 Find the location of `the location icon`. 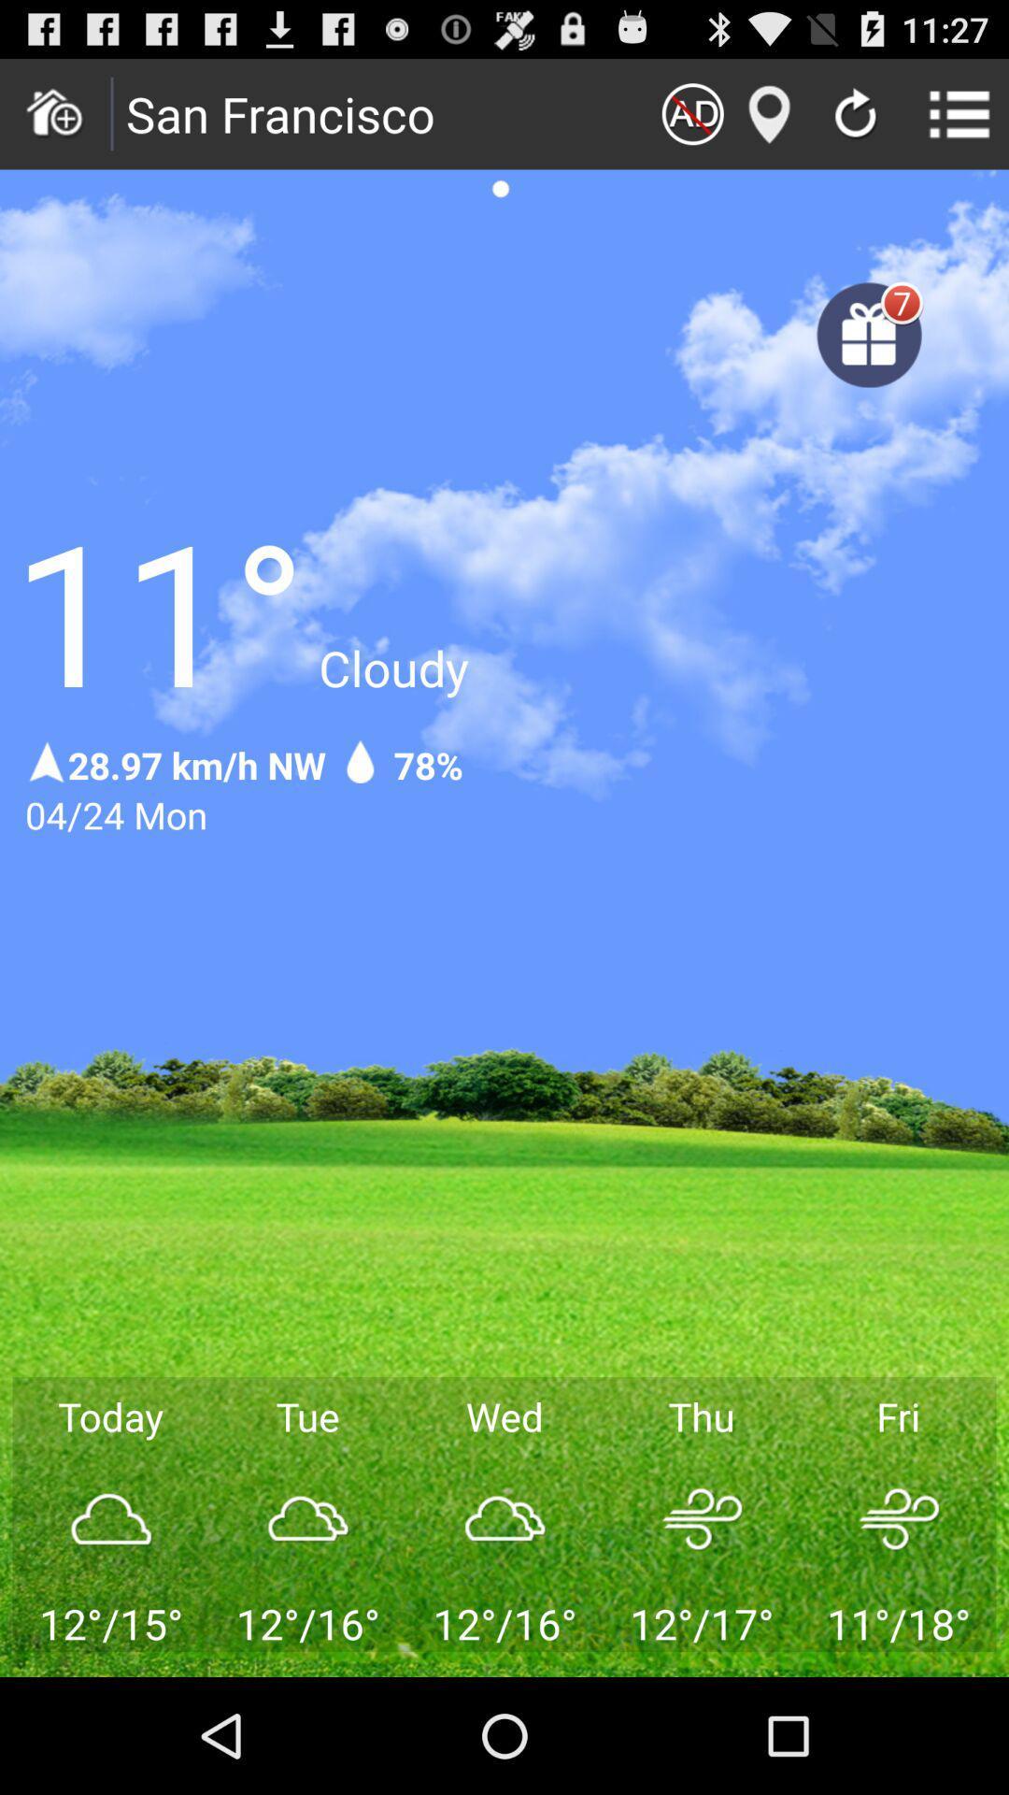

the location icon is located at coordinates (769, 121).